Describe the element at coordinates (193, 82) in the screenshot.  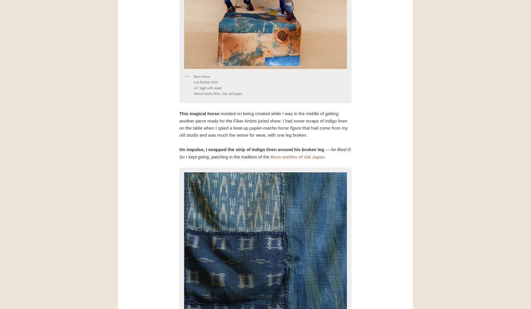
I see `'Lyn Belisle 2018'` at that location.